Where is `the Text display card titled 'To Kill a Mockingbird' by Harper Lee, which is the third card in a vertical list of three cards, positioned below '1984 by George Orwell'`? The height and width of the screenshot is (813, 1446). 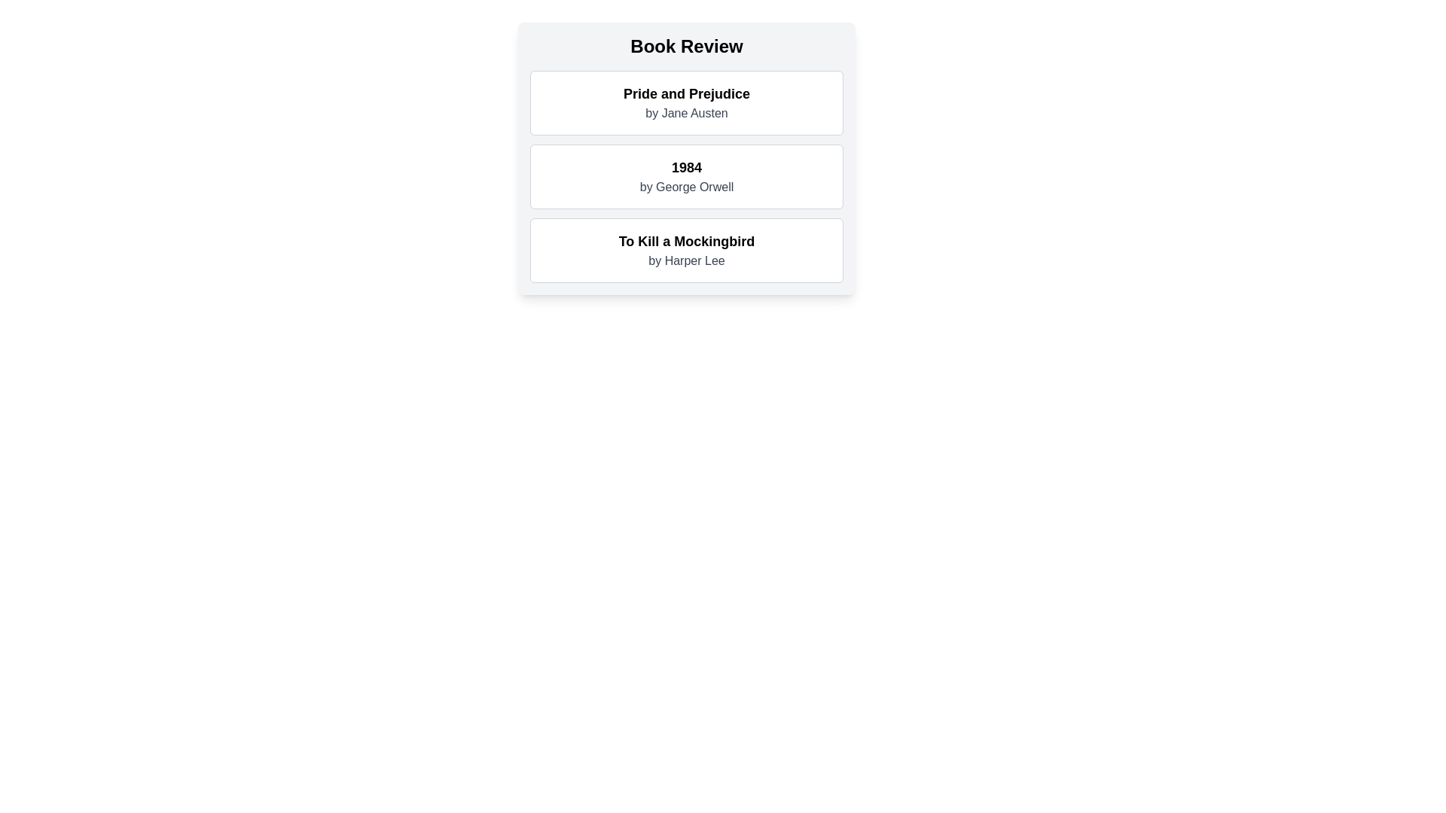
the Text display card titled 'To Kill a Mockingbird' by Harper Lee, which is the third card in a vertical list of three cards, positioned below '1984 by George Orwell' is located at coordinates (686, 249).